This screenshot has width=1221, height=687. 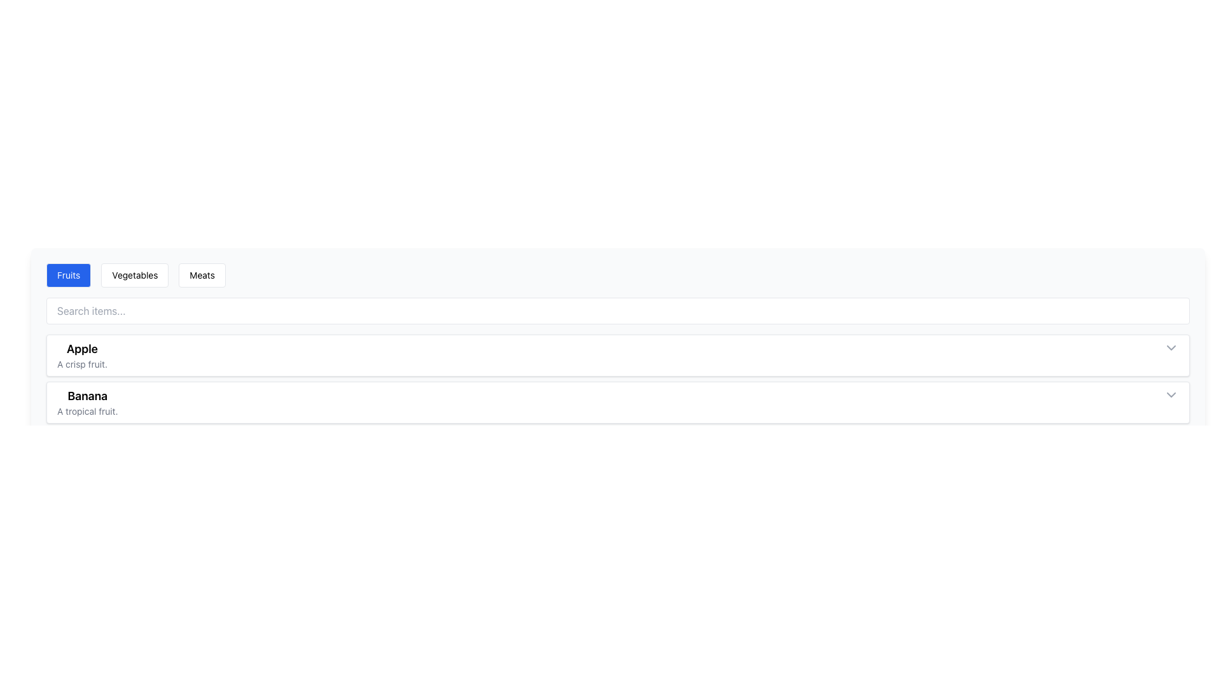 What do you see at coordinates (86, 396) in the screenshot?
I see `the static text label for the 'Banana' entry` at bounding box center [86, 396].